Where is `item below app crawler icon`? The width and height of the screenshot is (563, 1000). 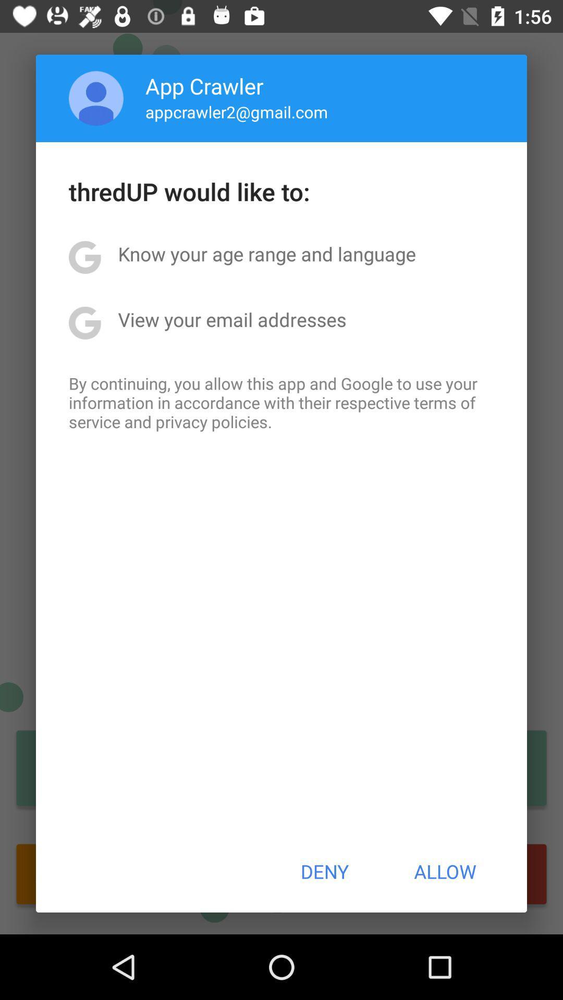 item below app crawler icon is located at coordinates (237, 111).